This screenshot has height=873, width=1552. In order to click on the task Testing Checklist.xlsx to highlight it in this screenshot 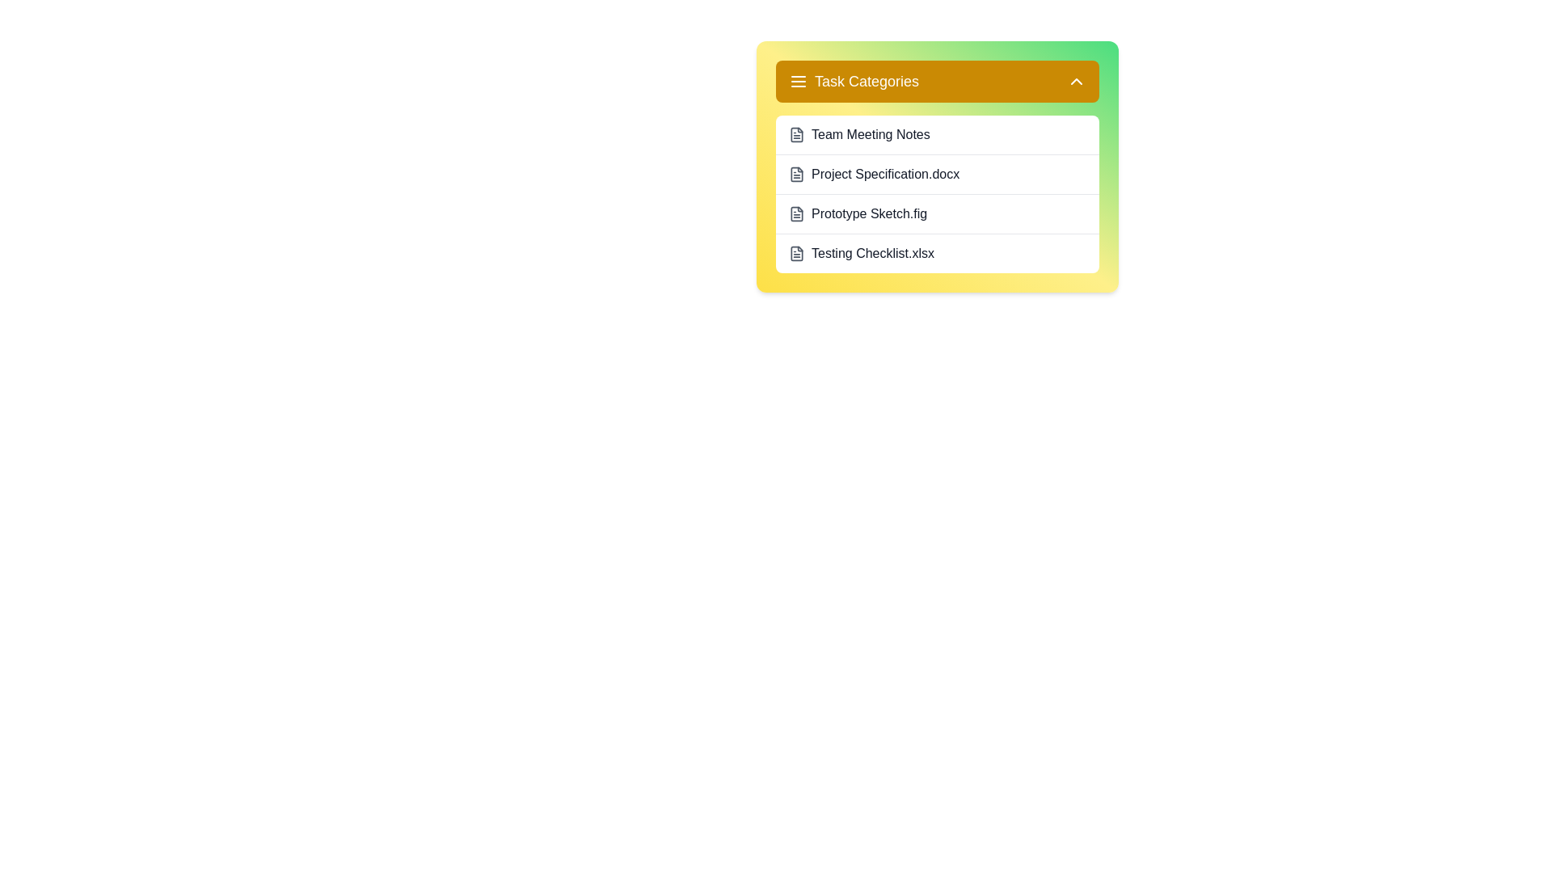, I will do `click(938, 253)`.